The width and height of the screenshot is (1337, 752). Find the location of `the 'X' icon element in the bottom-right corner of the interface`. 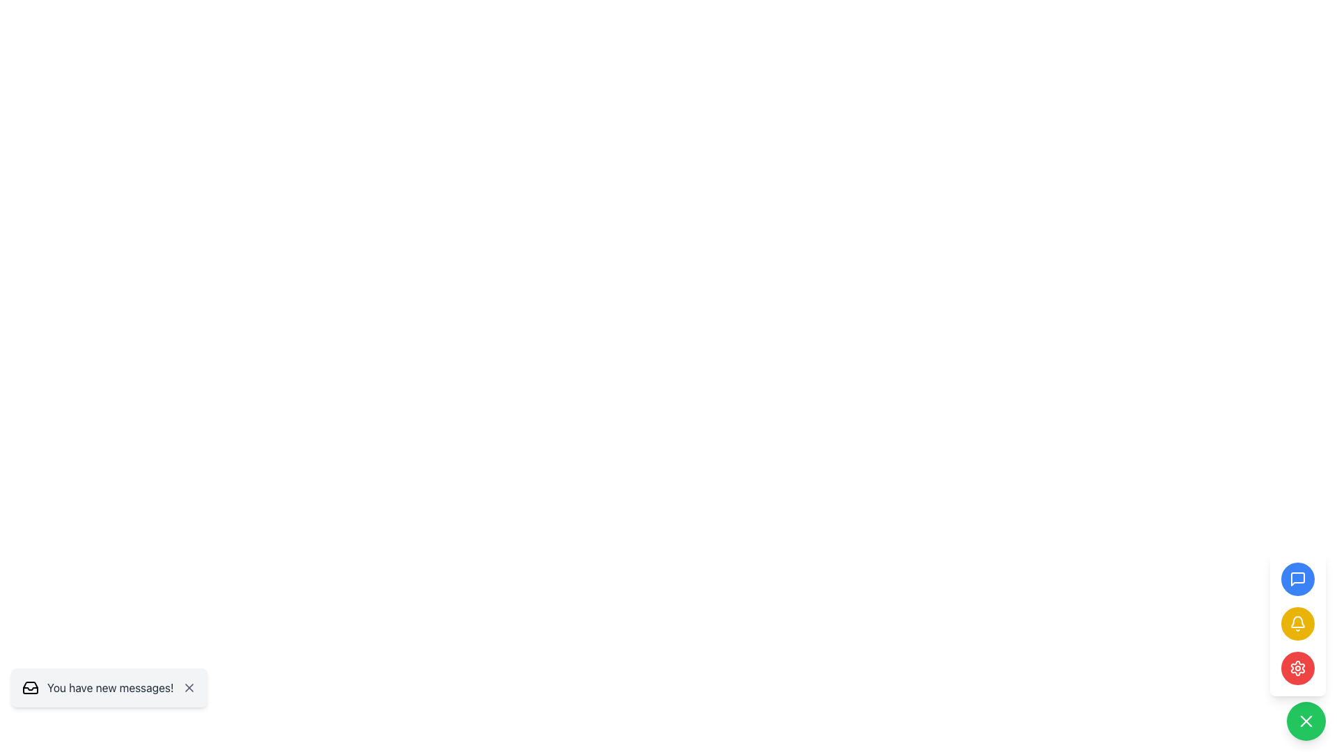

the 'X' icon element in the bottom-right corner of the interface is located at coordinates (188, 687).